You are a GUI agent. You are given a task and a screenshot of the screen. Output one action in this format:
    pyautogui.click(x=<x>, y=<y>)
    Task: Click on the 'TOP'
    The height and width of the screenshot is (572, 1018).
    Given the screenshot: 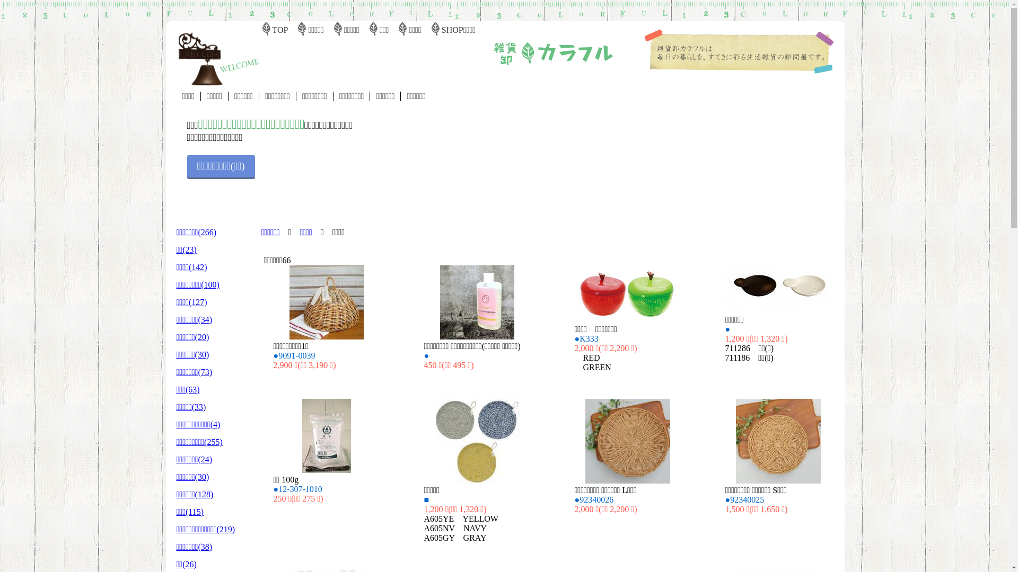 What is the action you would take?
    pyautogui.click(x=272, y=29)
    